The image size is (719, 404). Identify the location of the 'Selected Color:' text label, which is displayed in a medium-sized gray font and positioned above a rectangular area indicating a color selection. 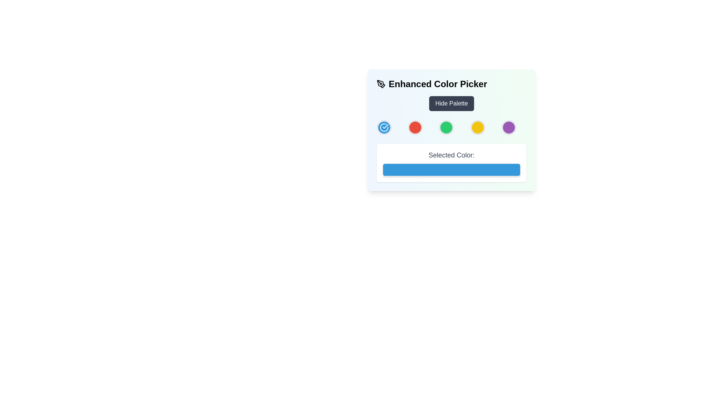
(451, 155).